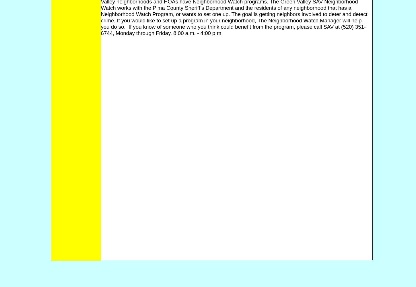 The width and height of the screenshot is (416, 287). What do you see at coordinates (231, 23) in the screenshot?
I see `'will help you do so.'` at bounding box center [231, 23].